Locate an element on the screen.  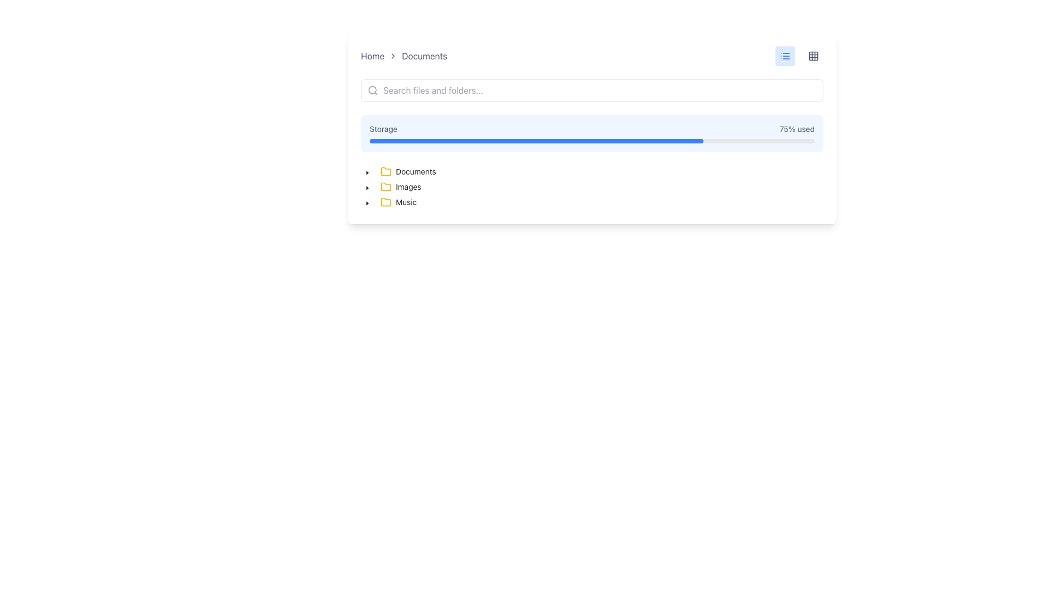
on the 3x3 grid icon button located in the top-right corner of the interface, which features a grid symbol made up of nine squares is located at coordinates (814, 56).